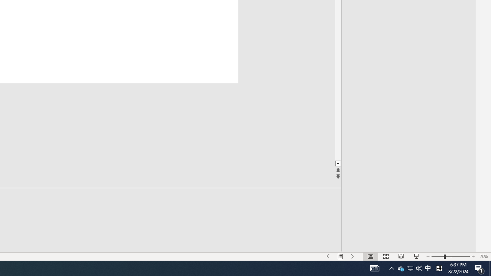  I want to click on 'Slide Show Previous On', so click(328, 256).